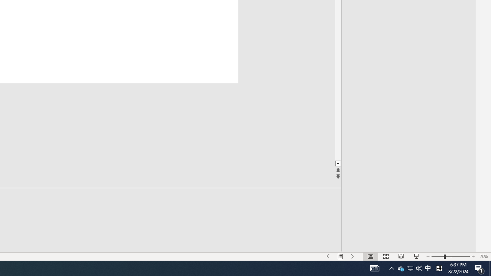  I want to click on 'Slide Show Previous On', so click(328, 256).